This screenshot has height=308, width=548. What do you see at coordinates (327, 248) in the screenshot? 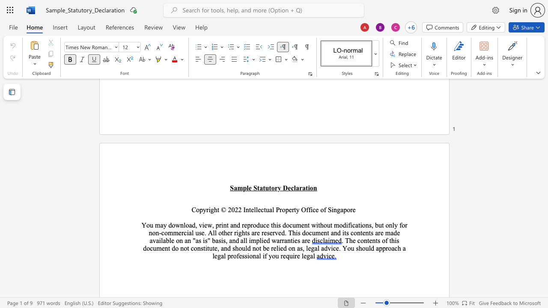
I see `the space between the continuous character "d" and "v" in the text` at bounding box center [327, 248].